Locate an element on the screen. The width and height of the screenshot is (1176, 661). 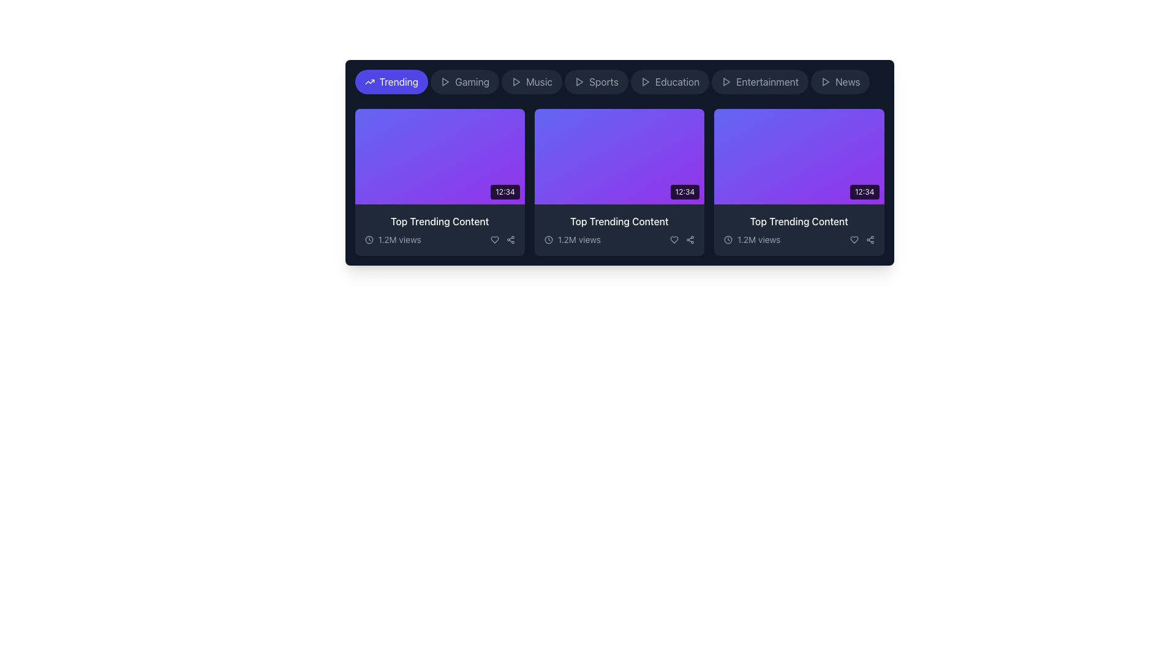
the triangular 'play' button icon located in the top-right section of the navigation bar is located at coordinates (826, 82).